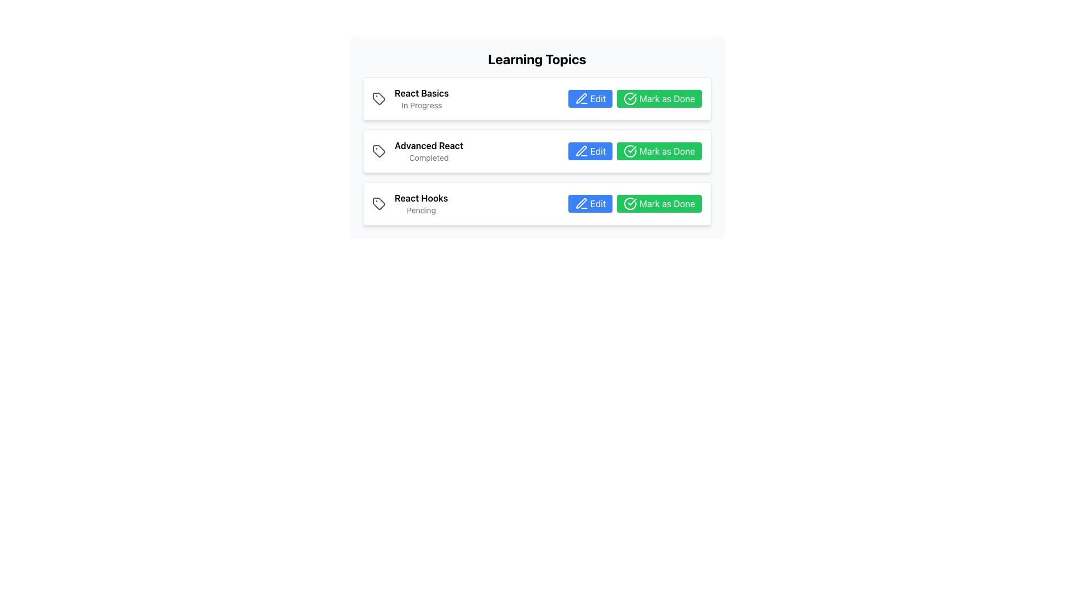 The image size is (1072, 603). What do you see at coordinates (630, 204) in the screenshot?
I see `the circular green checkmark icon within the 'Mark as Done' button` at bounding box center [630, 204].